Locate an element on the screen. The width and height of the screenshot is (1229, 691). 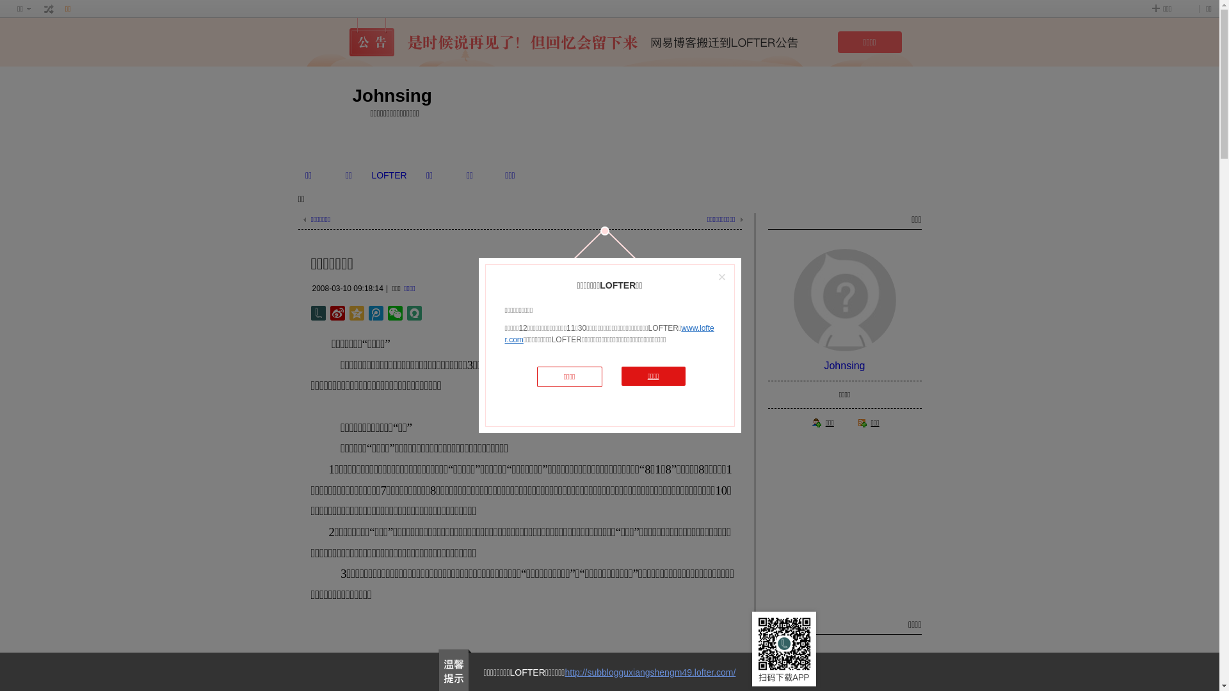
'http://subblogguxiangshengm49.lofter.com/' is located at coordinates (650, 671).